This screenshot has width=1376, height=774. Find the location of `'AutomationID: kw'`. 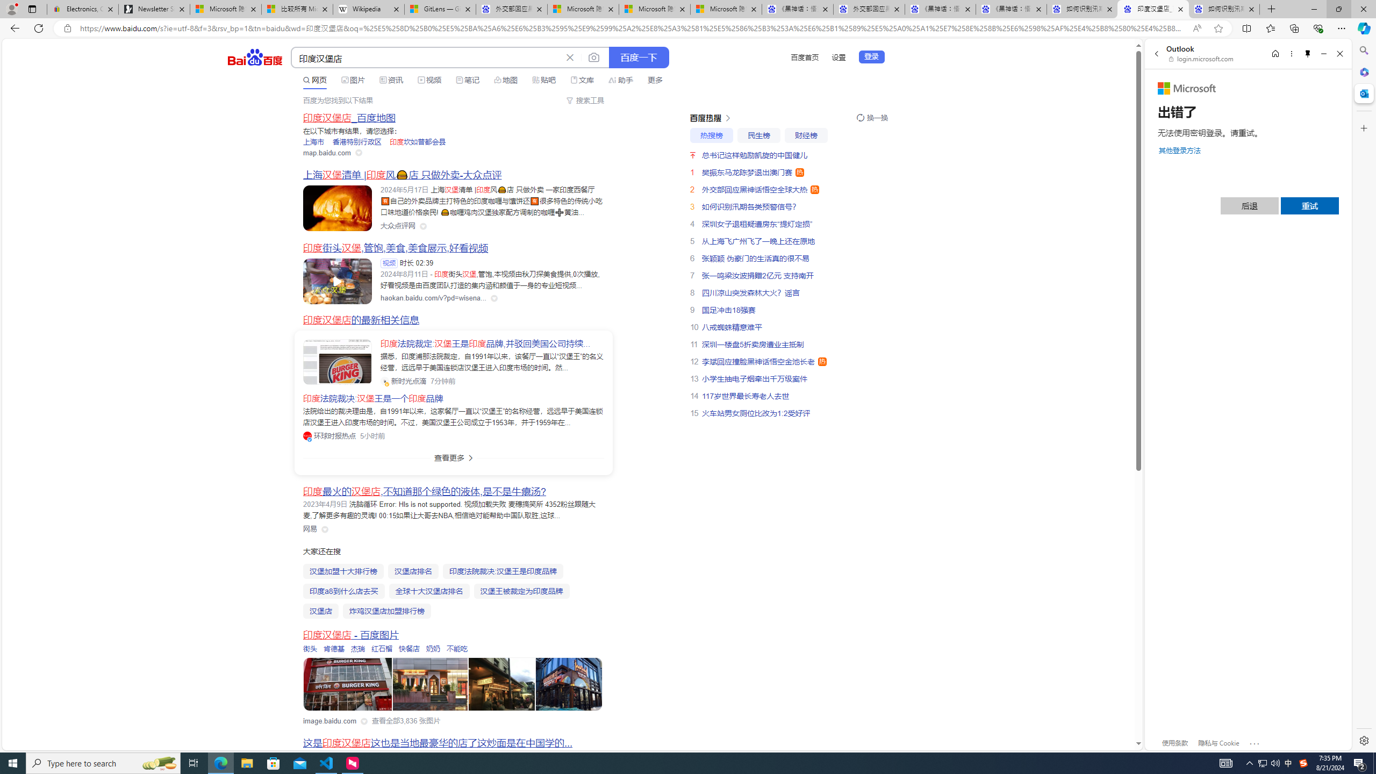

'AutomationID: kw' is located at coordinates (427, 58).